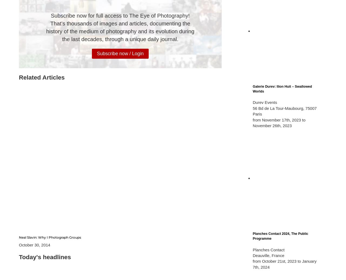 This screenshot has width=346, height=280. I want to click on 'October 30, 2014', so click(34, 244).